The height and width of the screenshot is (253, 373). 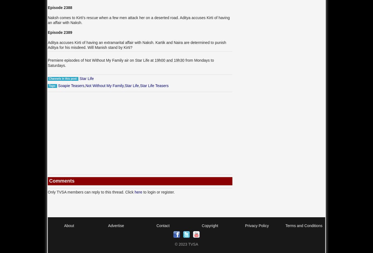 What do you see at coordinates (104, 85) in the screenshot?
I see `'Not Without My Family'` at bounding box center [104, 85].